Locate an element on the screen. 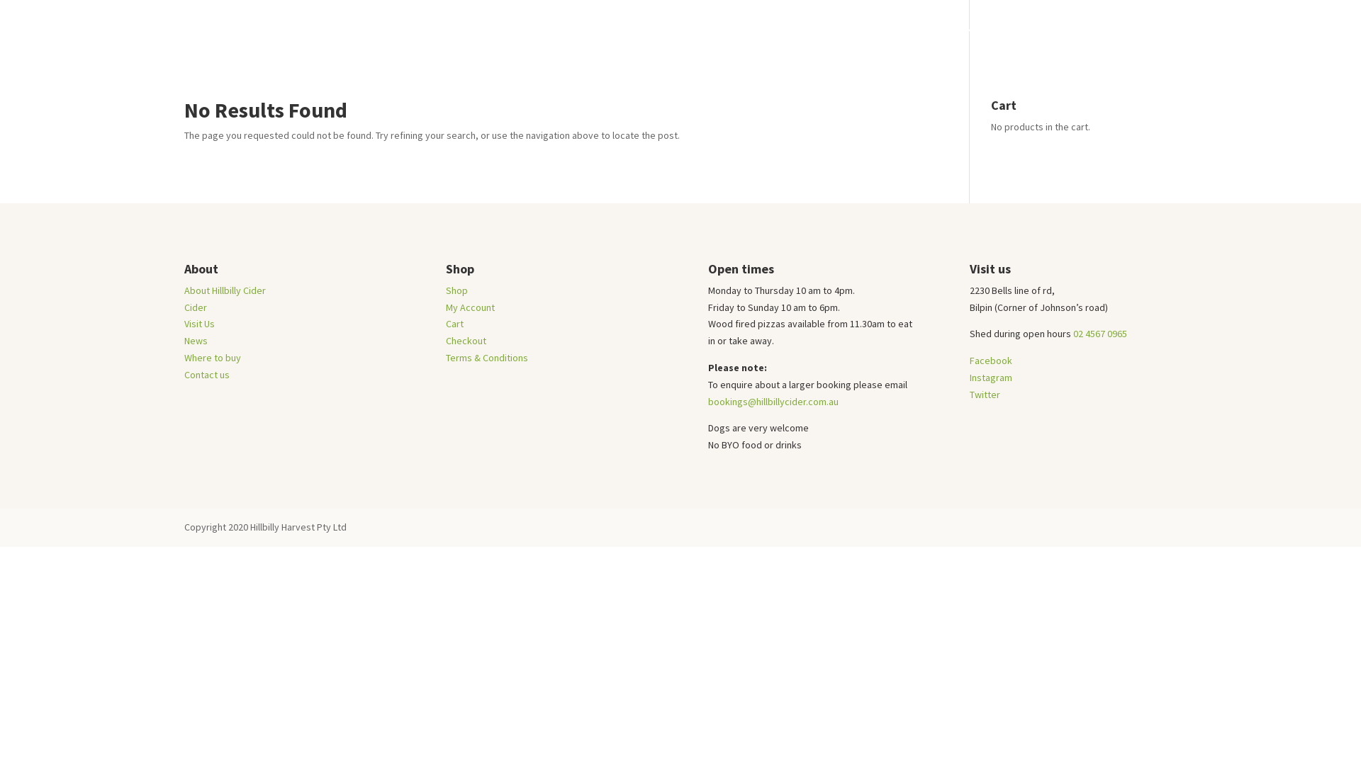 The width and height of the screenshot is (1361, 765). 'Instagram' is located at coordinates (990, 376).